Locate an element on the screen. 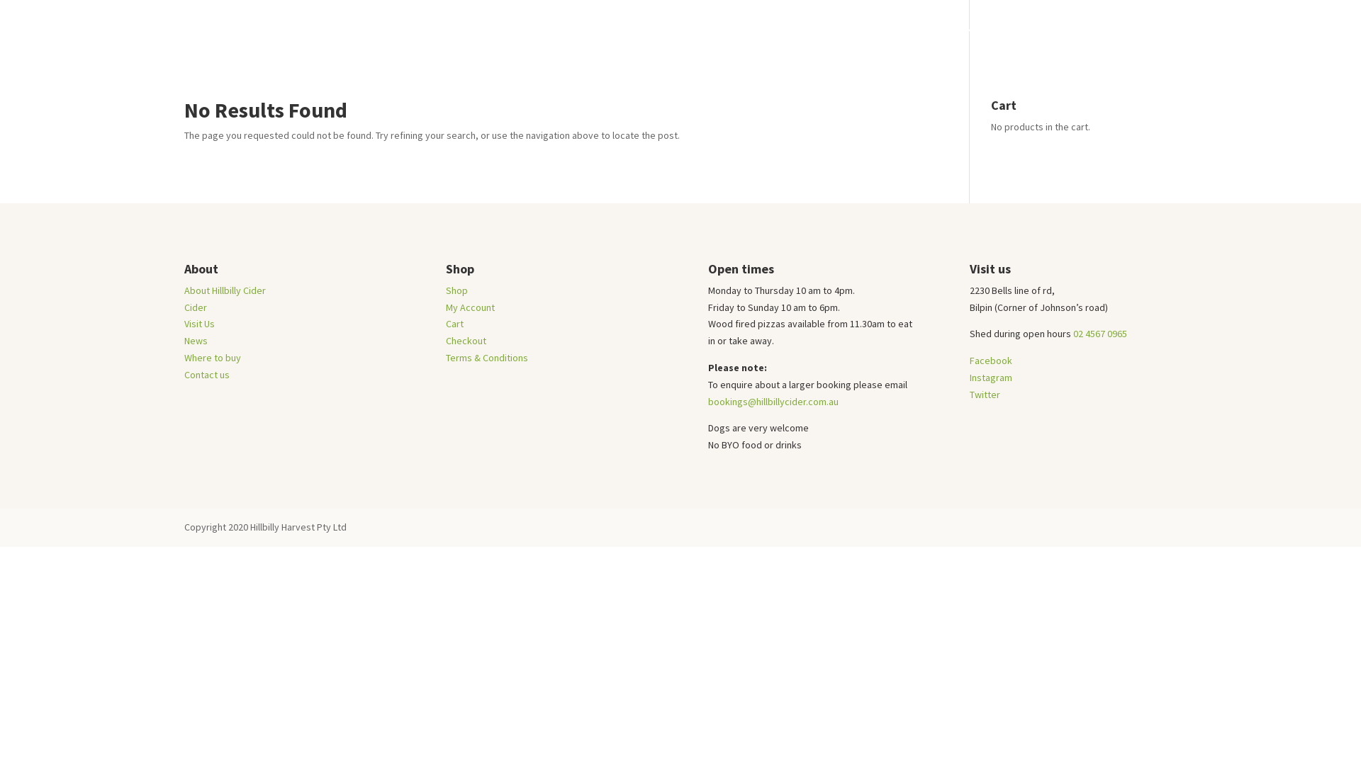 The width and height of the screenshot is (1361, 765). 'Instagram' is located at coordinates (990, 376).